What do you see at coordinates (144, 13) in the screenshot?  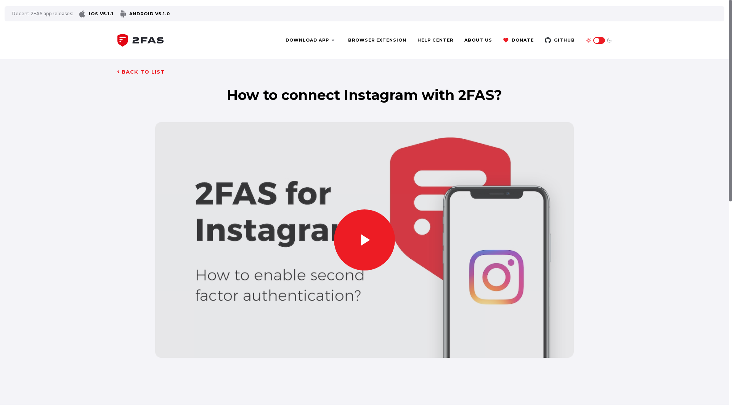 I see `'ANDROID V5.1.0'` at bounding box center [144, 13].